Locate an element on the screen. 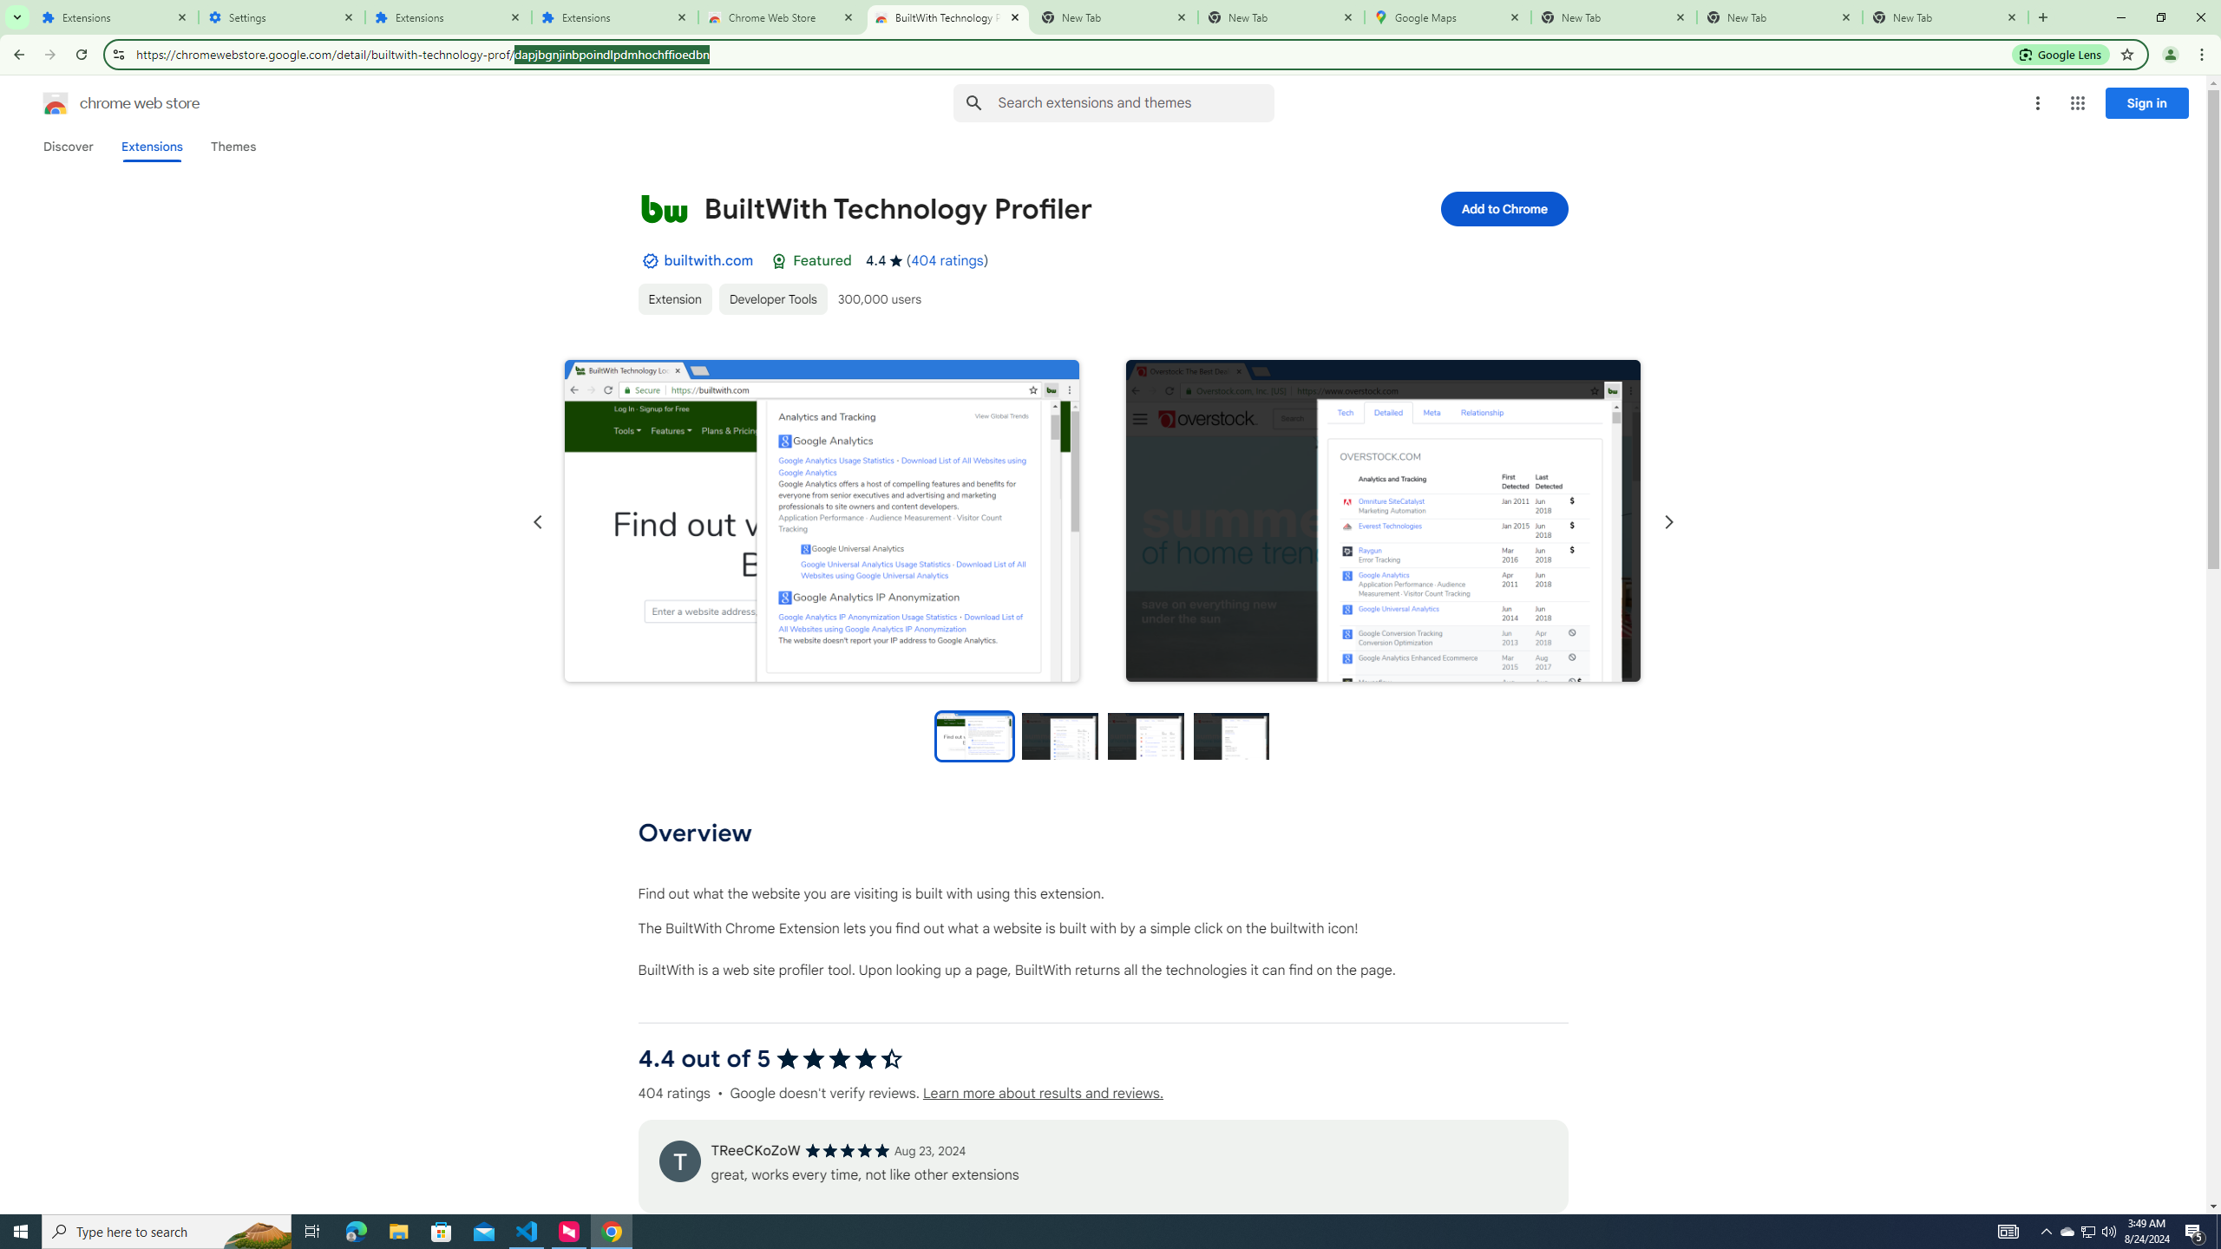 The image size is (2221, 1249). 'Google Maps' is located at coordinates (1447, 16).